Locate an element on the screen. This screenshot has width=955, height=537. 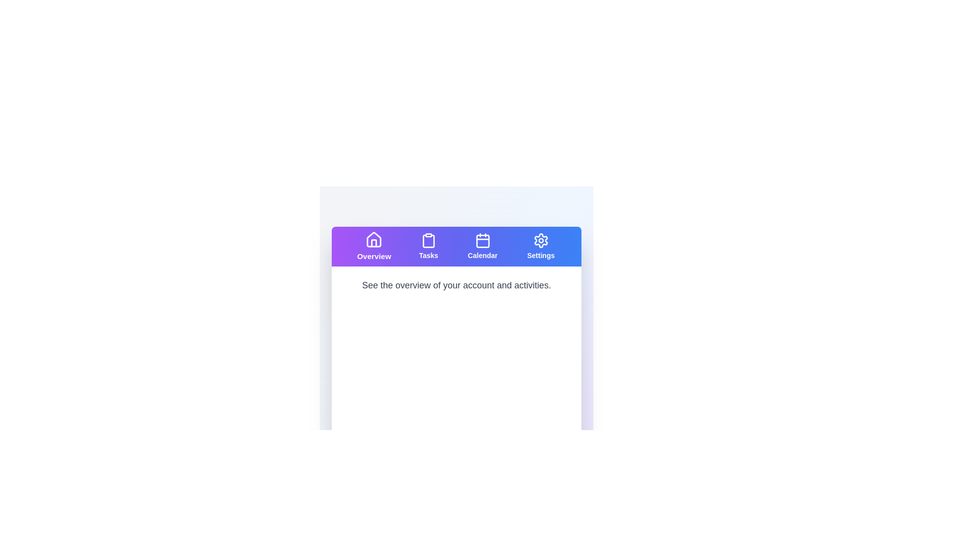
the settings icon located on the far right side of the horizontal navigation bar is located at coordinates (540, 241).